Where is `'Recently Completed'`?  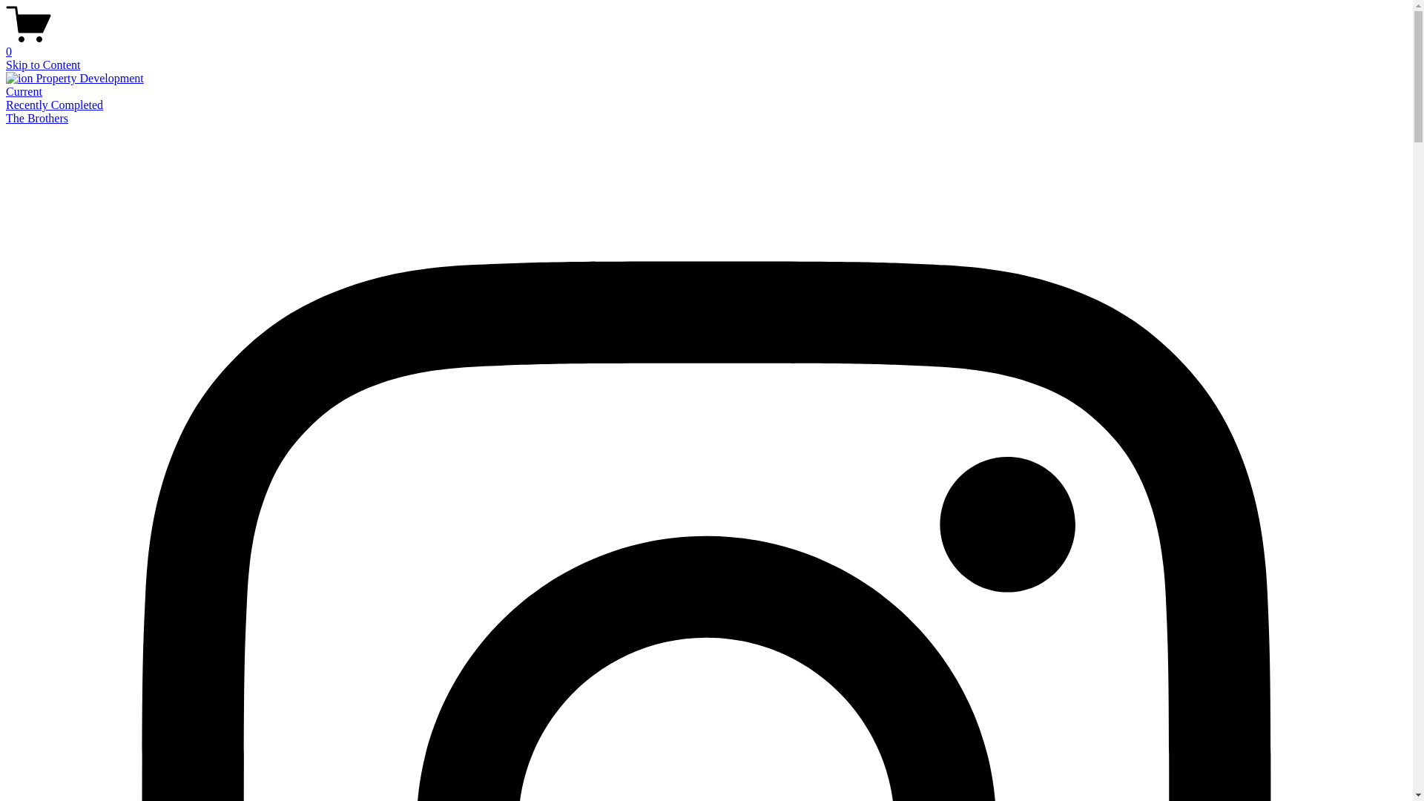
'Recently Completed' is located at coordinates (54, 104).